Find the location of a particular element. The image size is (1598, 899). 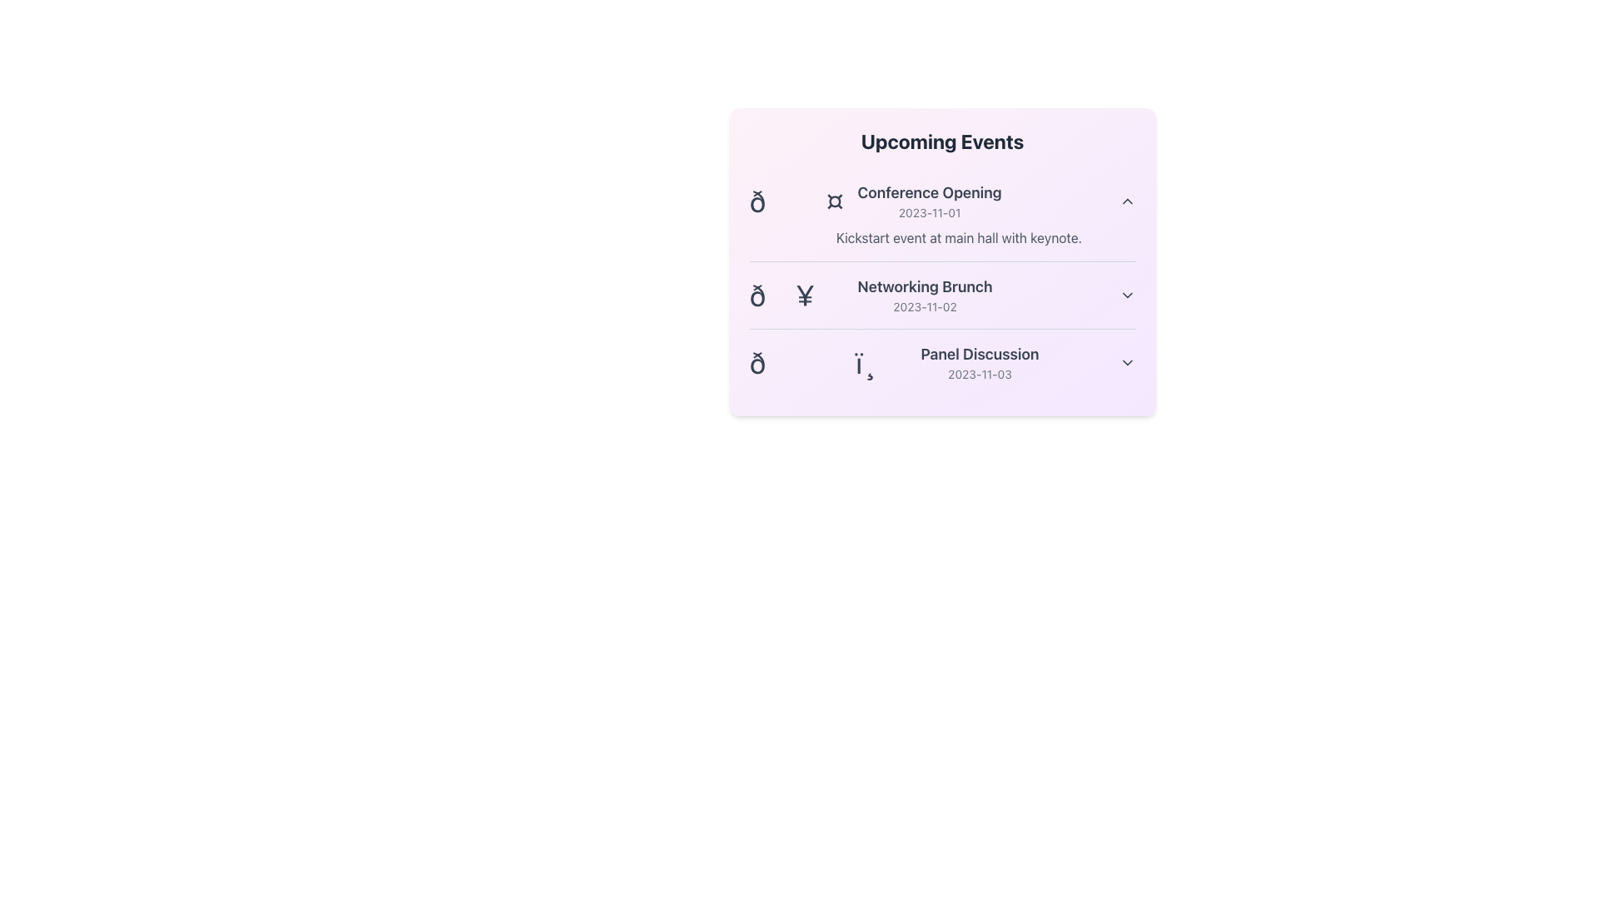

the 'Networking Brunch' event text block for accessibility navigation is located at coordinates (870, 294).